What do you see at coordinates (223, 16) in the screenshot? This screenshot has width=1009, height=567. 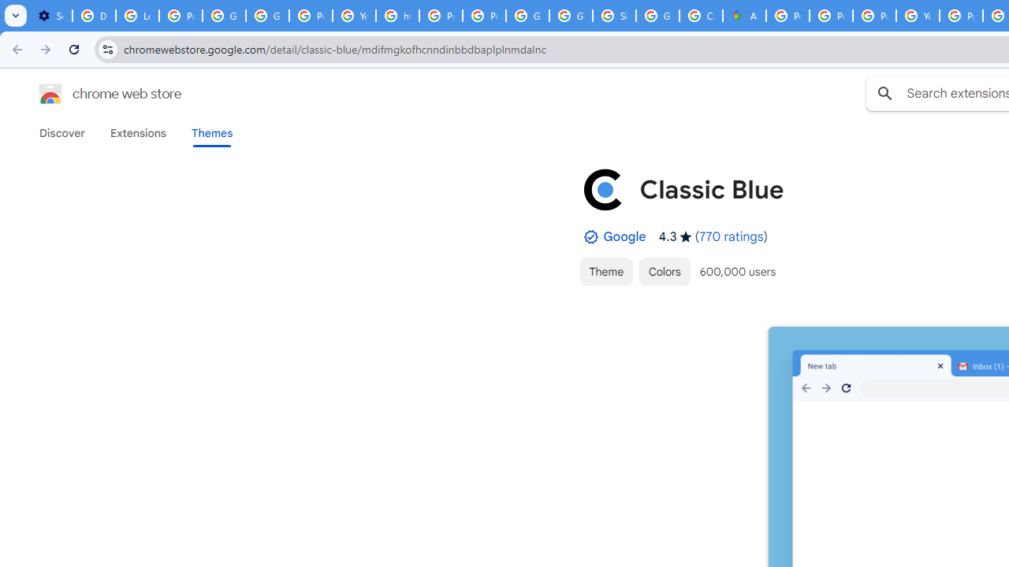 I see `'Google Account Help'` at bounding box center [223, 16].